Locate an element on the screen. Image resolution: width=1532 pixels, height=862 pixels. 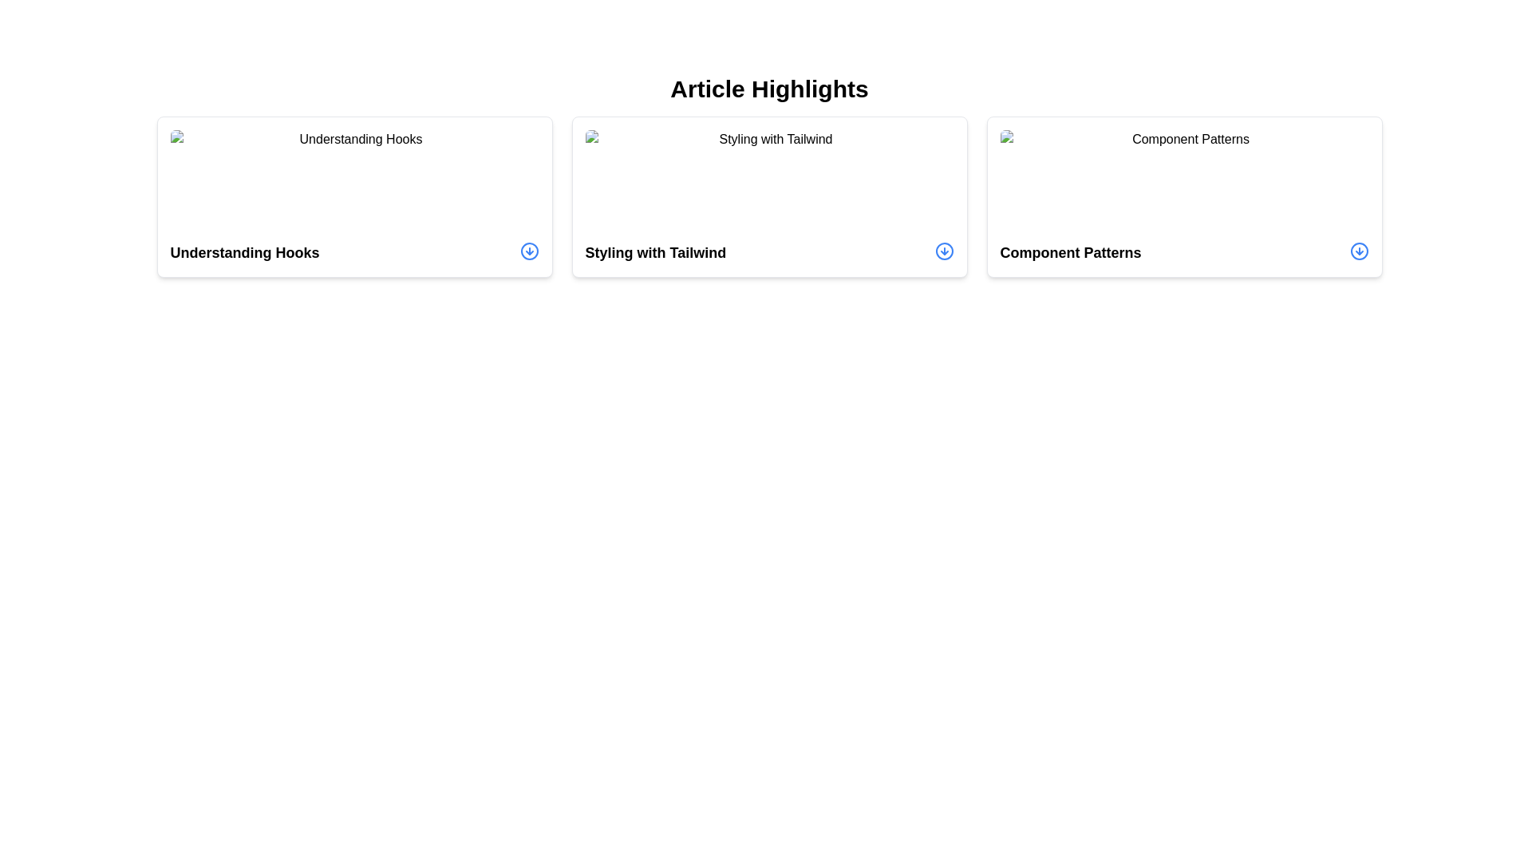
the SVG circular arrow icon located in the bottom right corner of the 'Component Patterns' card, which indicates a downward action for downloading or revealing additional content is located at coordinates (1358, 251).